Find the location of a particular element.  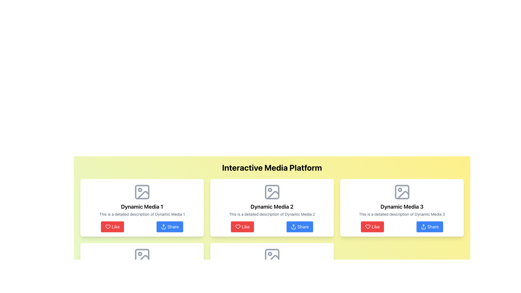

the small square component with rounded corners located in the center of the visual icon representing the image in the 'Dynamic Media 3' card is located at coordinates (402, 192).